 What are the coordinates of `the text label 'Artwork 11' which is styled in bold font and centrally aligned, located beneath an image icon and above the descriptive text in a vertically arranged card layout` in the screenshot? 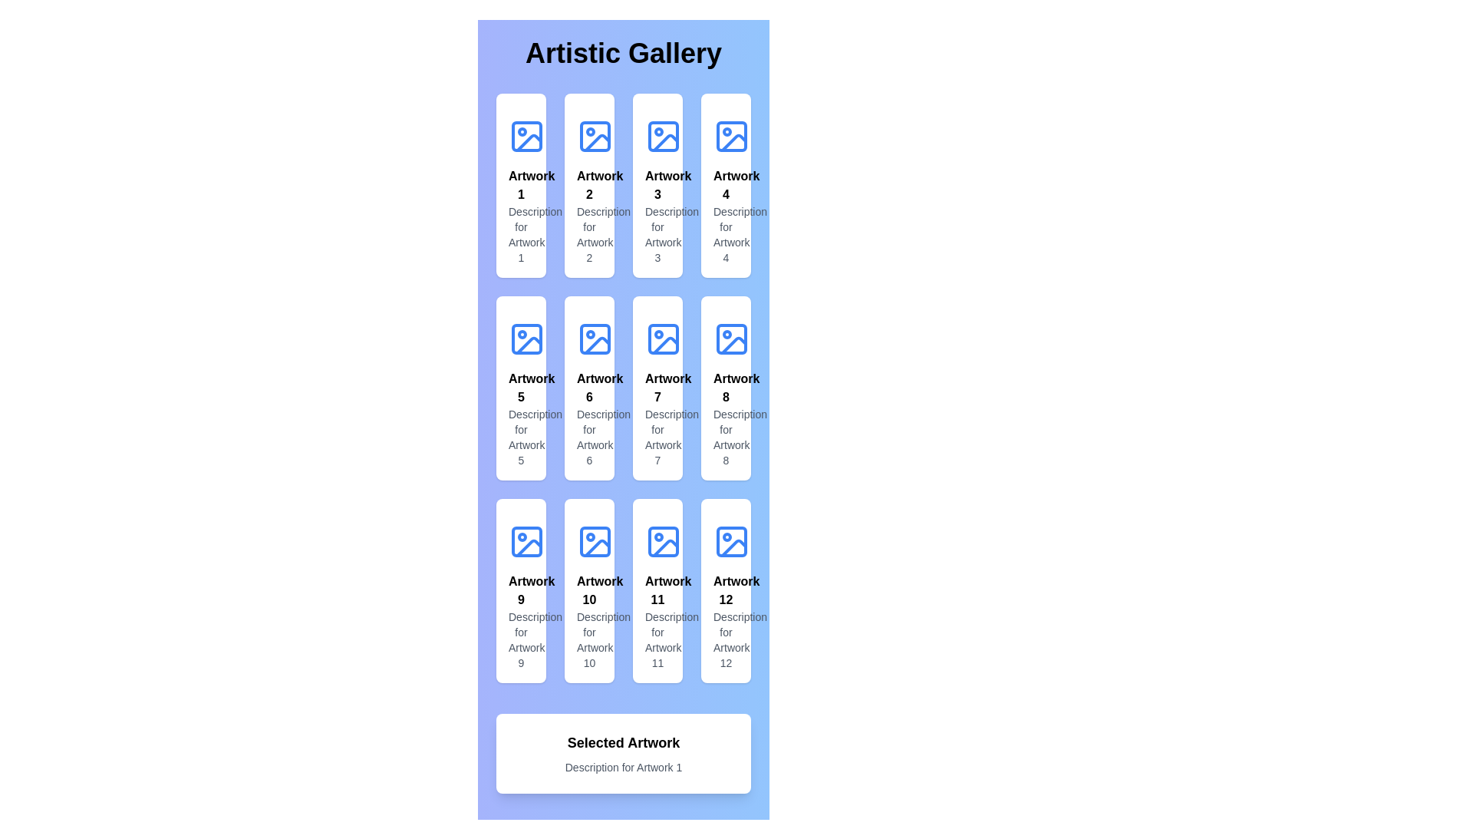 It's located at (657, 590).